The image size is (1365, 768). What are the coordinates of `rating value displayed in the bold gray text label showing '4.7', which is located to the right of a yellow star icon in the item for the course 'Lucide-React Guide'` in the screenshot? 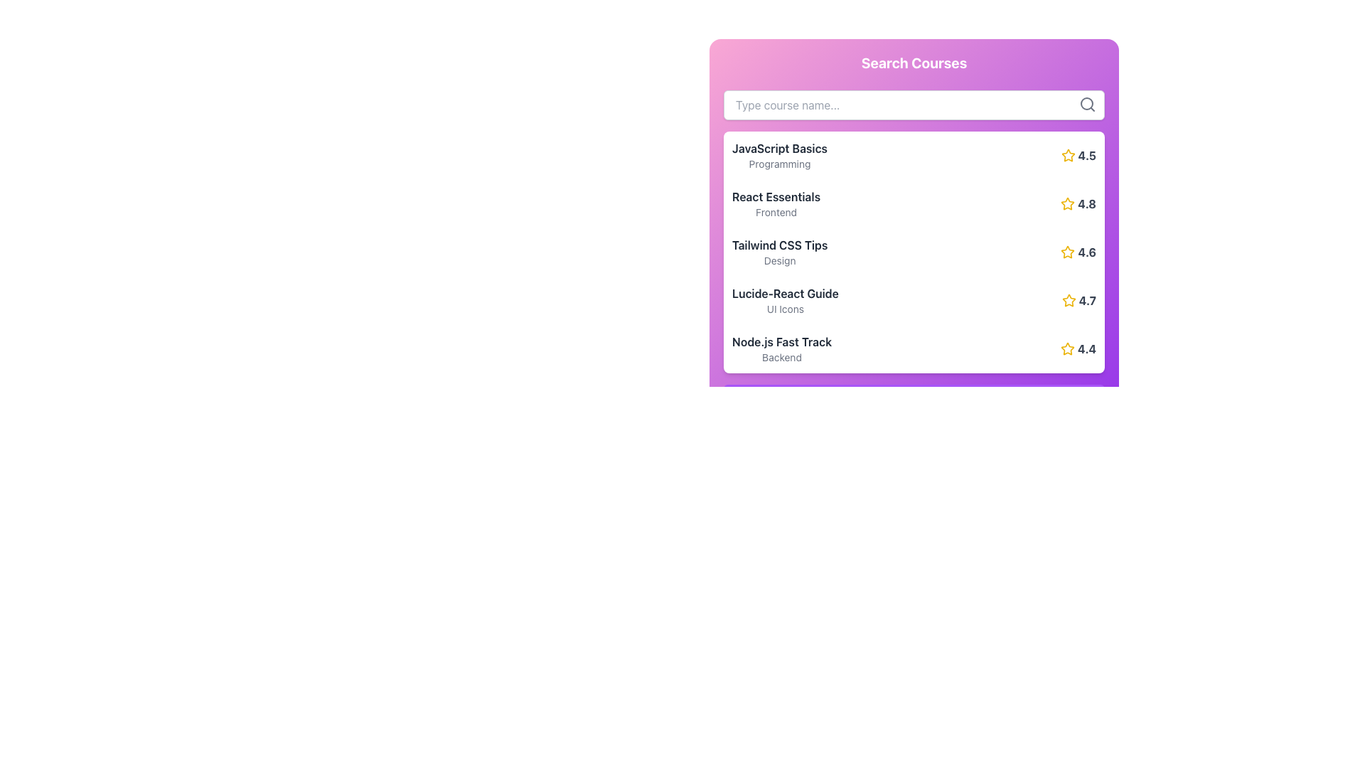 It's located at (1086, 300).